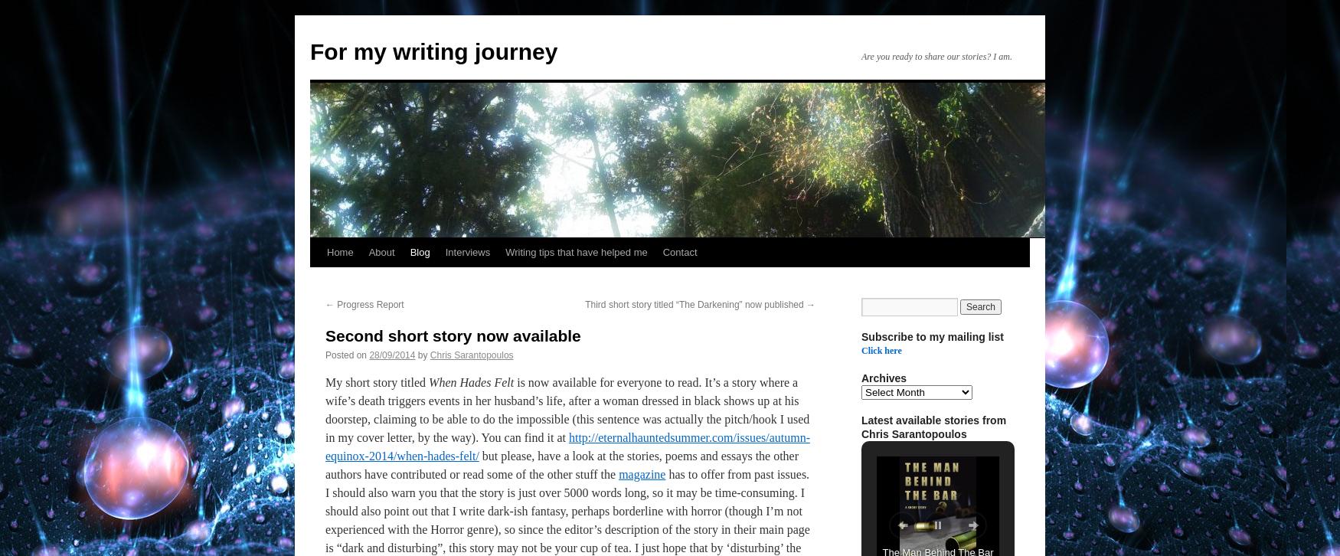  Describe the element at coordinates (421, 355) in the screenshot. I see `'by'` at that location.